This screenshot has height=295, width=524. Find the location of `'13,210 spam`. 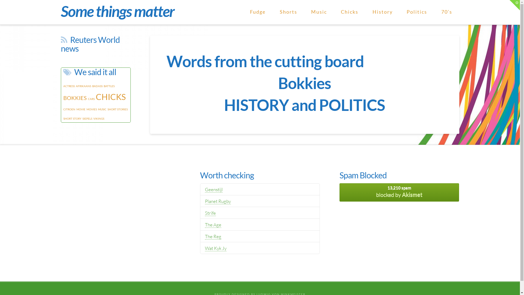

'13,210 spam is located at coordinates (399, 192).